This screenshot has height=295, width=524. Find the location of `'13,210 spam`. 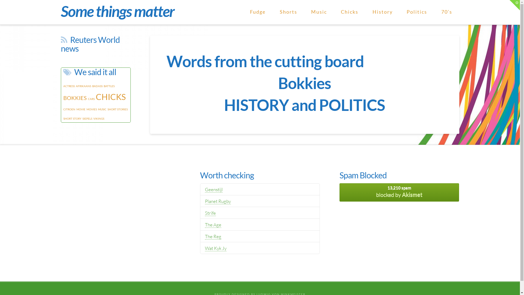

'13,210 spam is located at coordinates (399, 192).